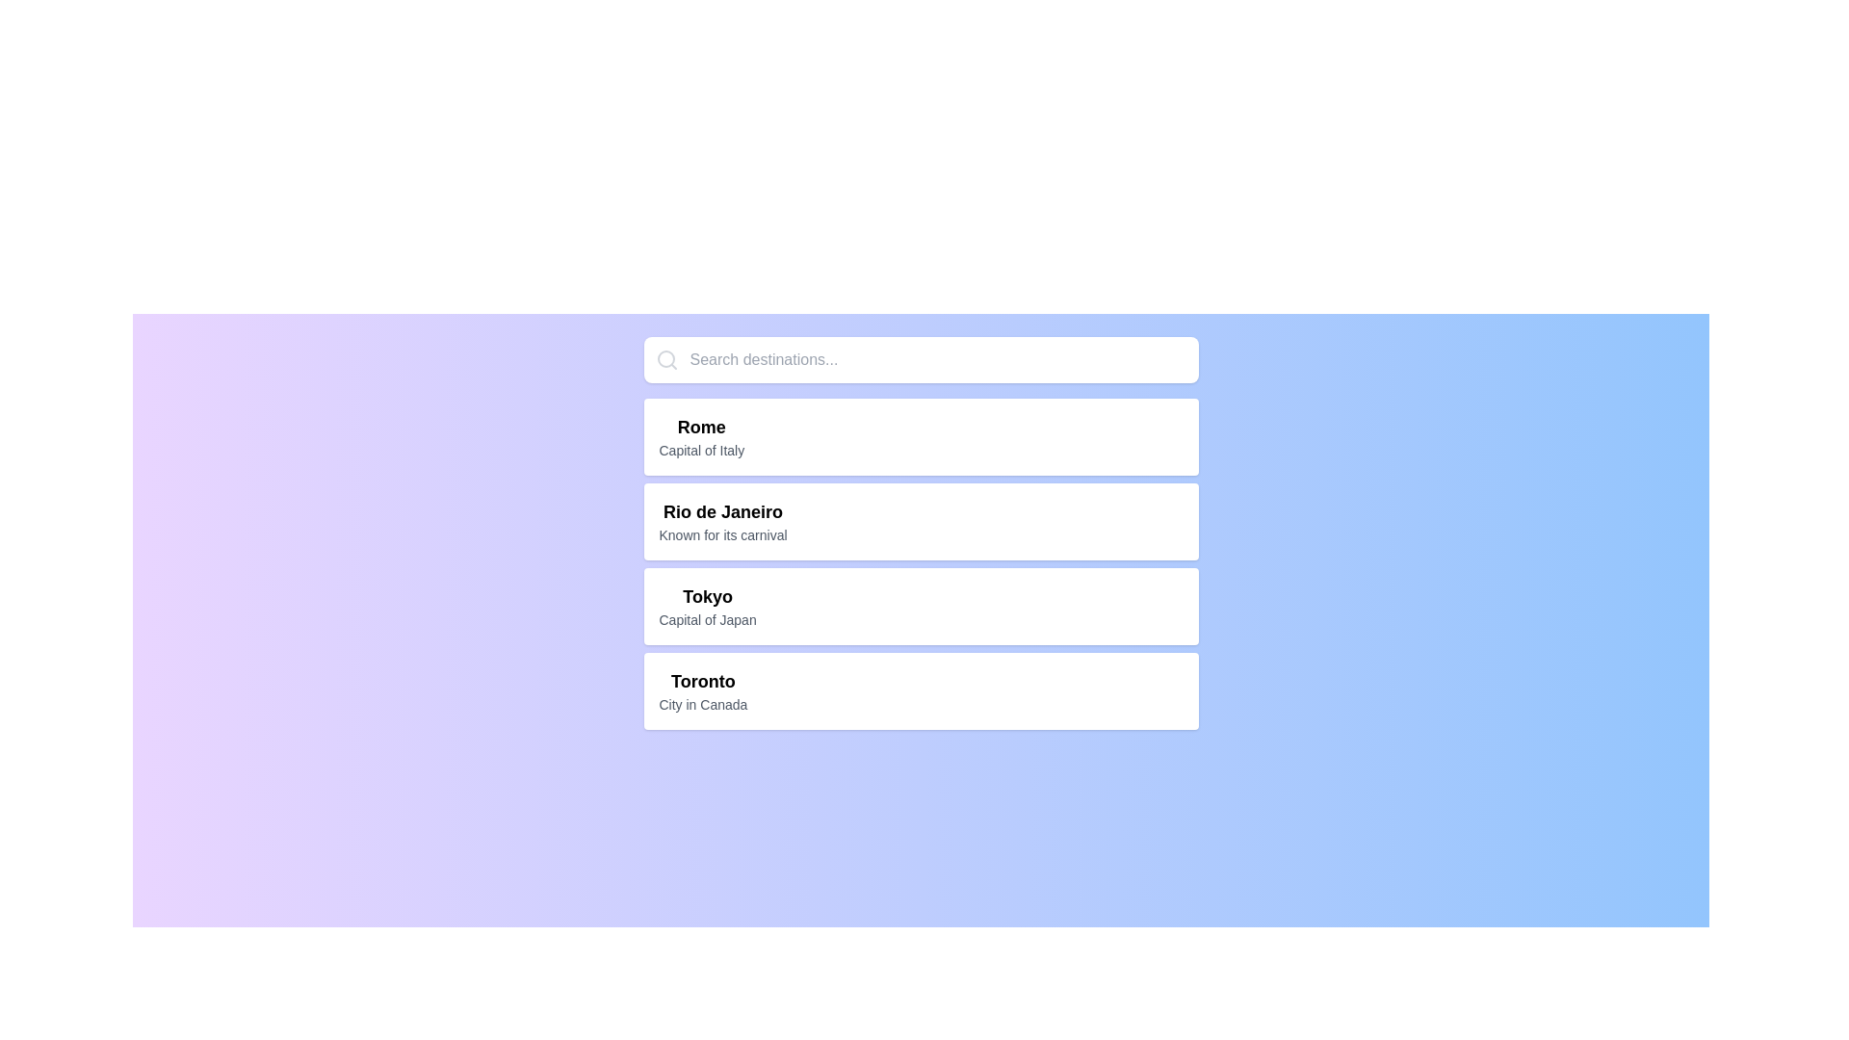 This screenshot has width=1849, height=1040. I want to click on the gray magnifying glass icon representing the search function, located on the left-hand side of the search input field, so click(666, 360).